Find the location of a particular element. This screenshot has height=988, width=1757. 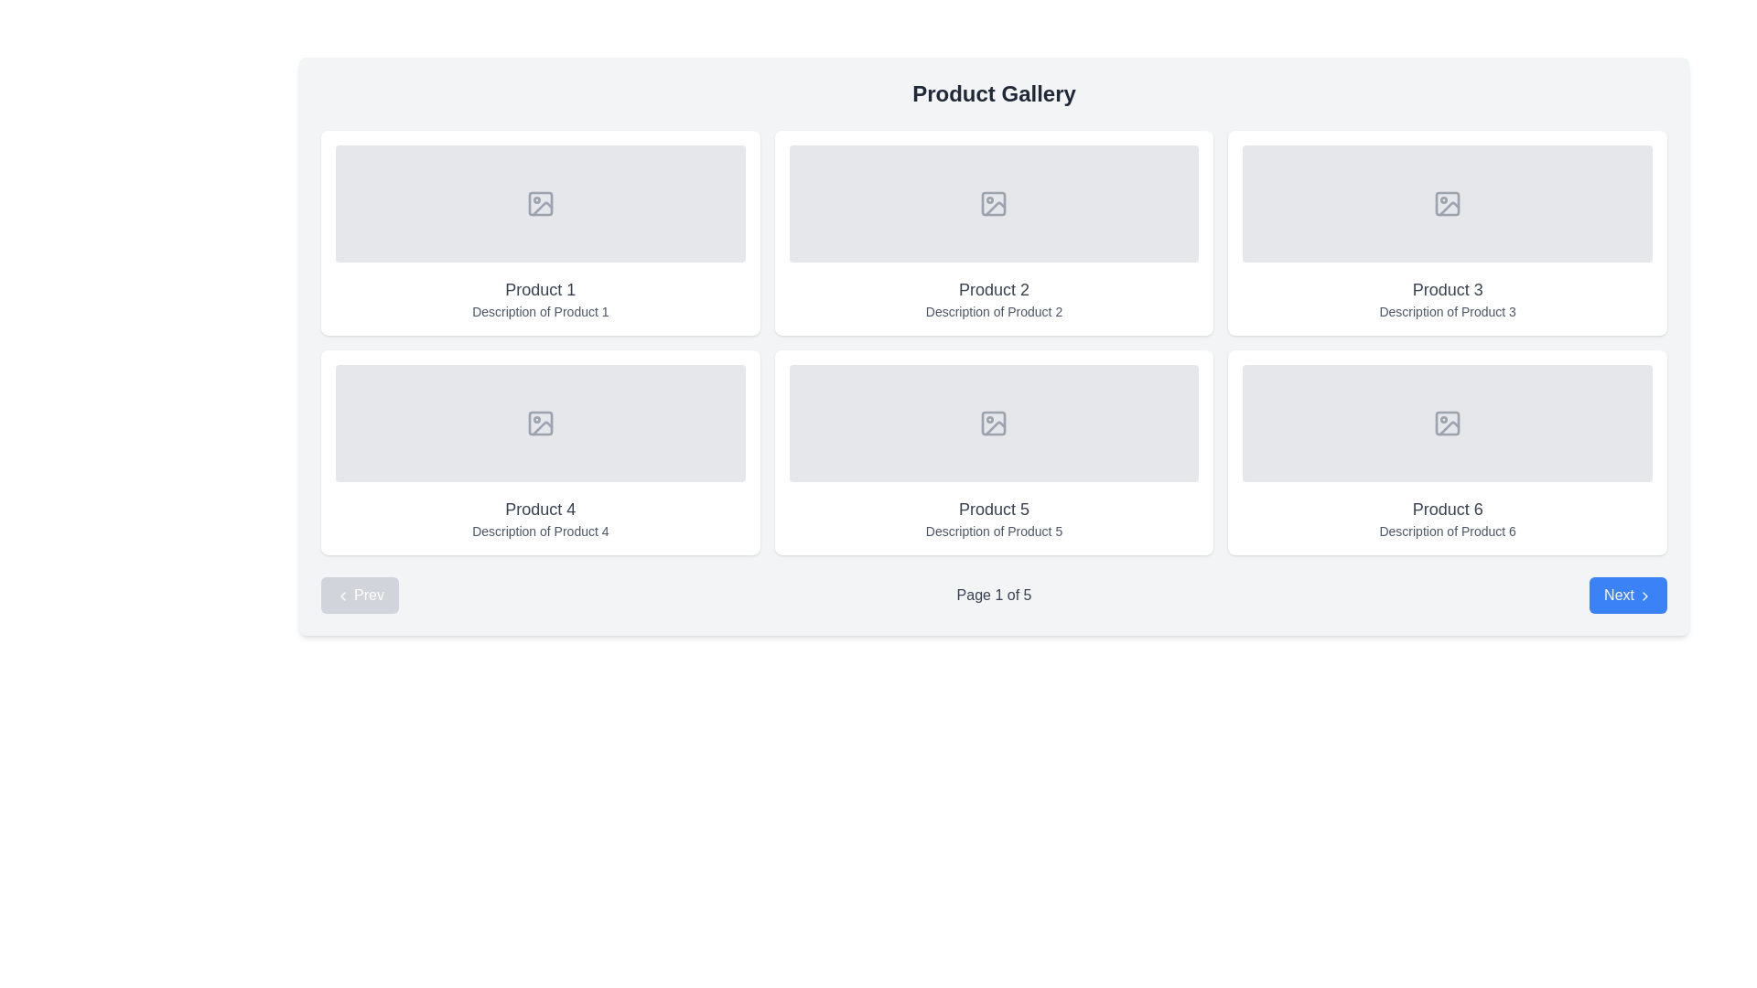

product card for Product 6 located in the third column of the second row in a 3x2 grid layout is located at coordinates (1447, 452).